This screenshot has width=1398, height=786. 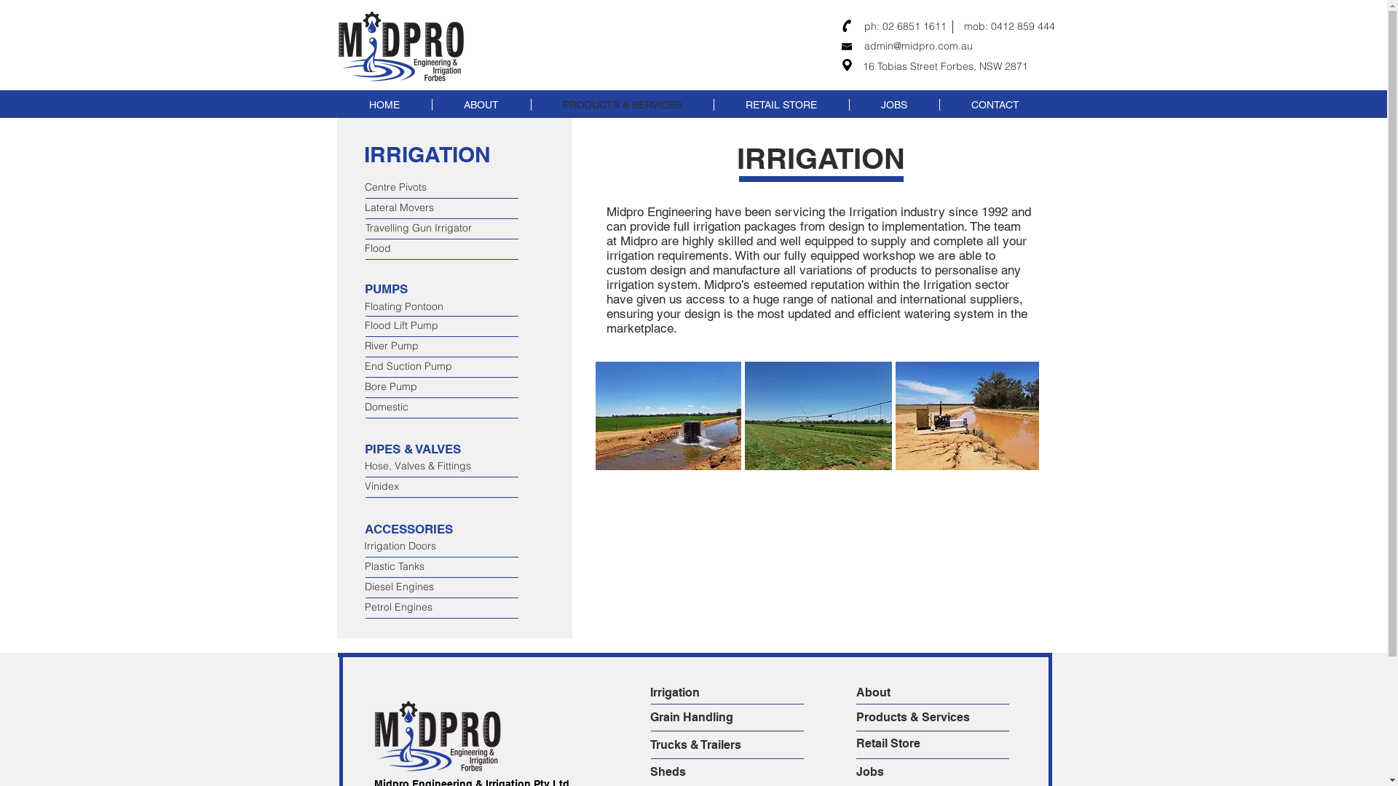 I want to click on 'admin@midpro.com.au', so click(x=863, y=44).